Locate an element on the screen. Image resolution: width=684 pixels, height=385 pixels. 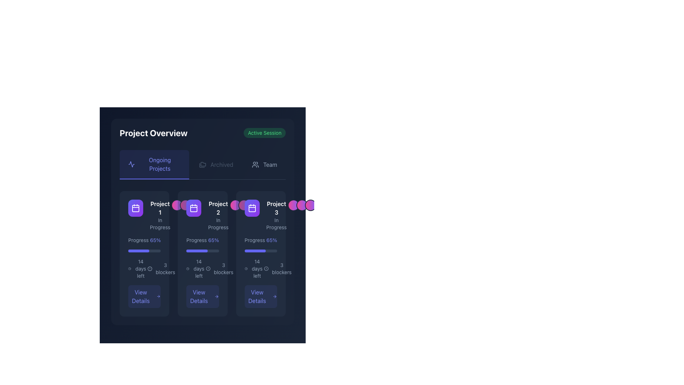
the calendar icon button representing date functionality for 'Project 3' located in the 'Ongoing Projects' section is located at coordinates (252, 208).